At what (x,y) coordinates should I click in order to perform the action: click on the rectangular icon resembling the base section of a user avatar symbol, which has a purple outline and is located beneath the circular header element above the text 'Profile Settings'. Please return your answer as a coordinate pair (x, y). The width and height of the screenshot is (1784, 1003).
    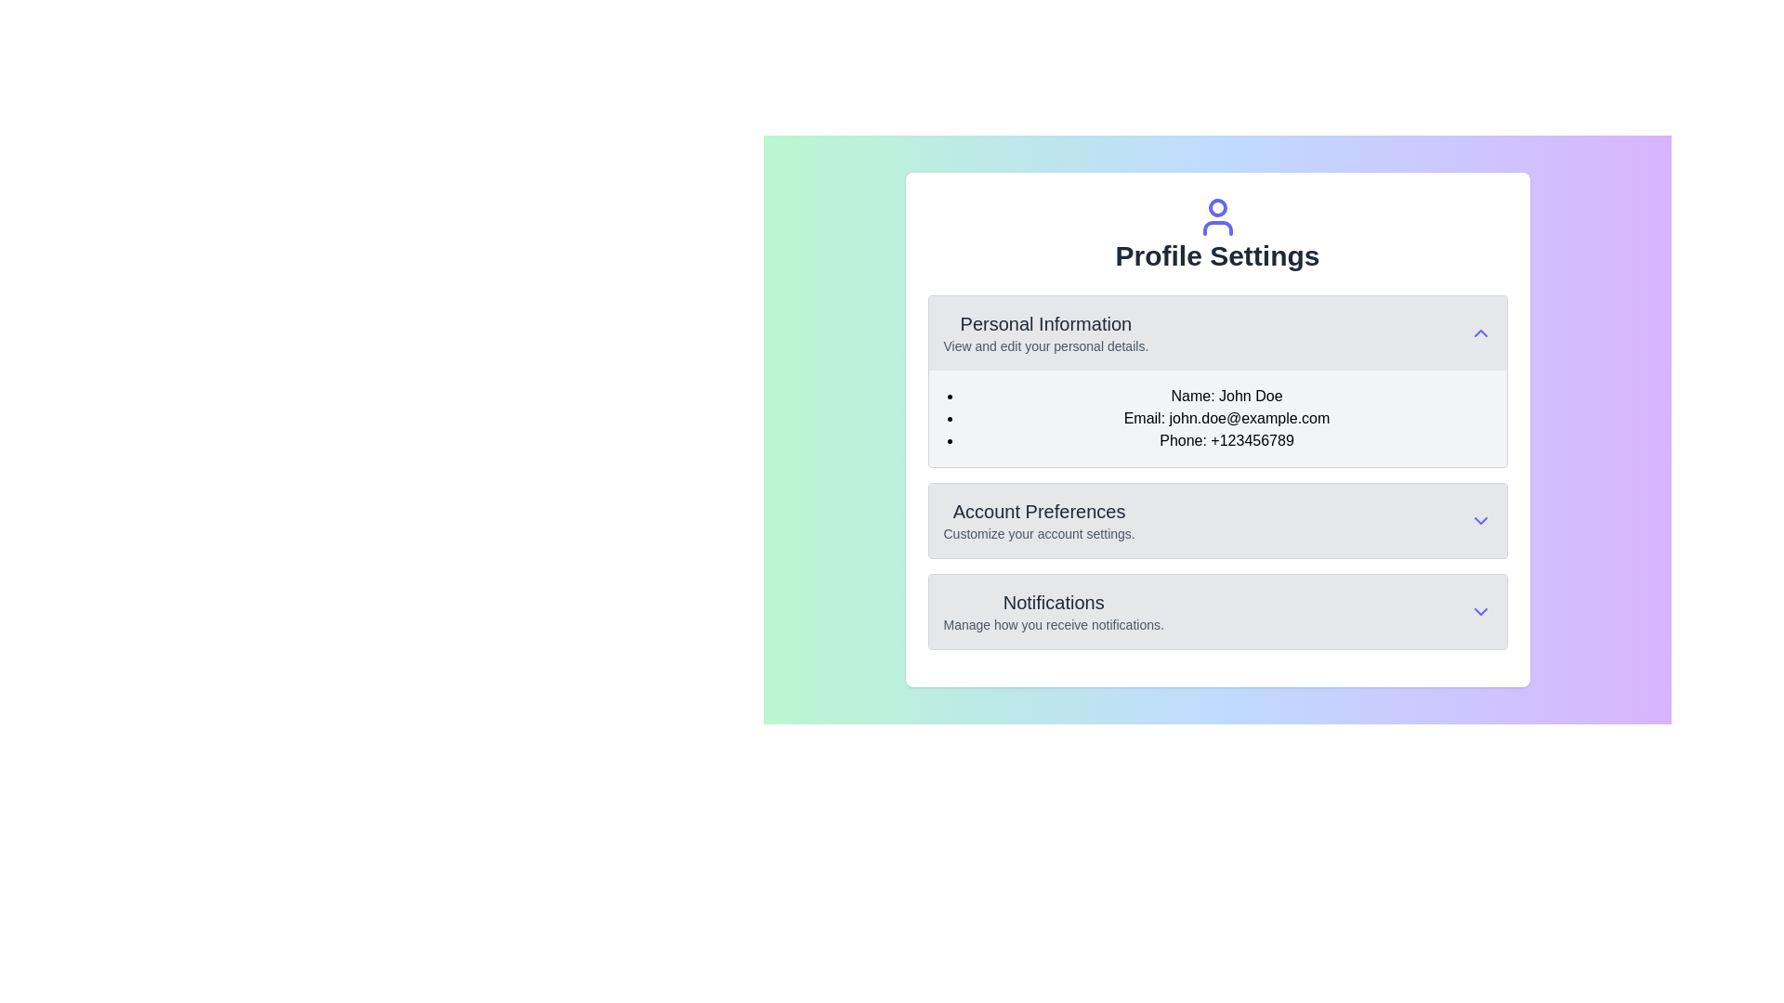
    Looking at the image, I should click on (1217, 228).